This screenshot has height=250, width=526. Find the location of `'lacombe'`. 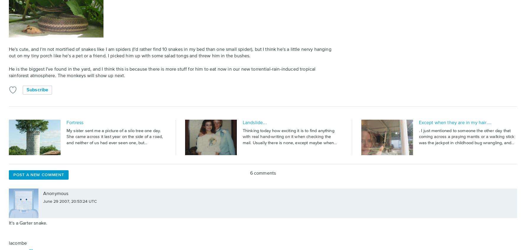

'lacombe' is located at coordinates (18, 243).